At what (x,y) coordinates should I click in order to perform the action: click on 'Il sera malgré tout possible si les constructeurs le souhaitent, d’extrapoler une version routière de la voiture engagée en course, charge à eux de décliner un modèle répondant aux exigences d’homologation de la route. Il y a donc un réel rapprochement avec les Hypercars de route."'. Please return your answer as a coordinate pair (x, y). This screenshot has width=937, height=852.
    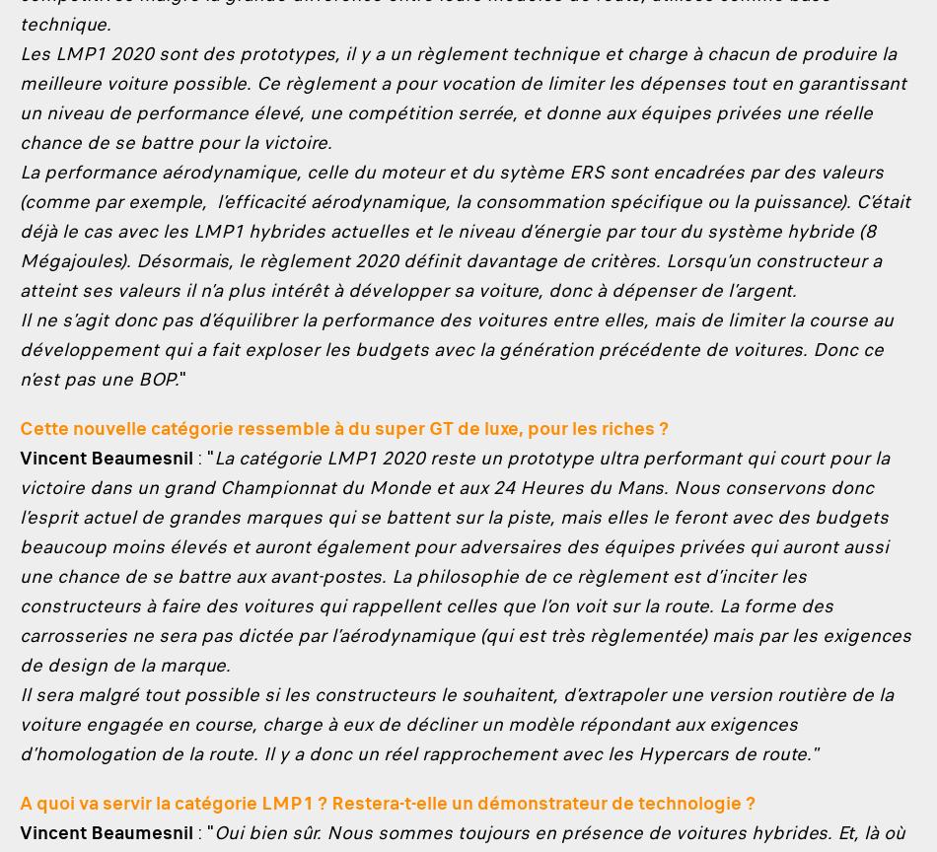
    Looking at the image, I should click on (456, 724).